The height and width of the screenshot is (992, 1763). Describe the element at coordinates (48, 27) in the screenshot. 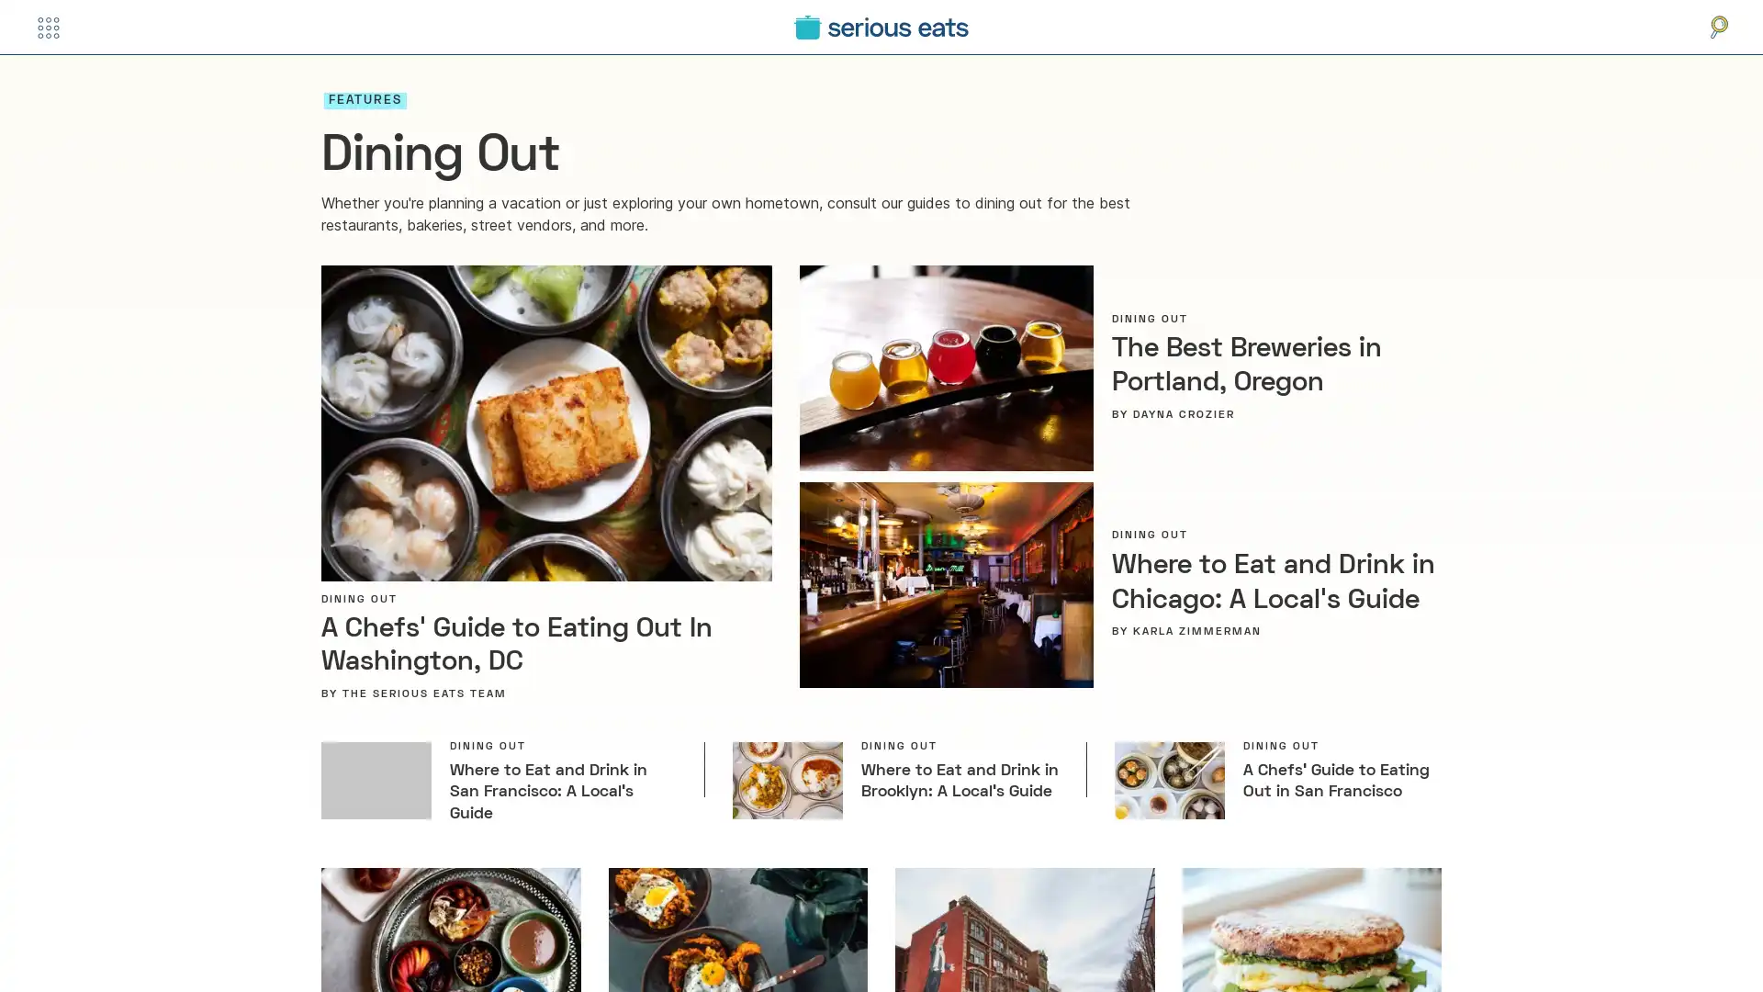

I see `BUTTON` at that location.